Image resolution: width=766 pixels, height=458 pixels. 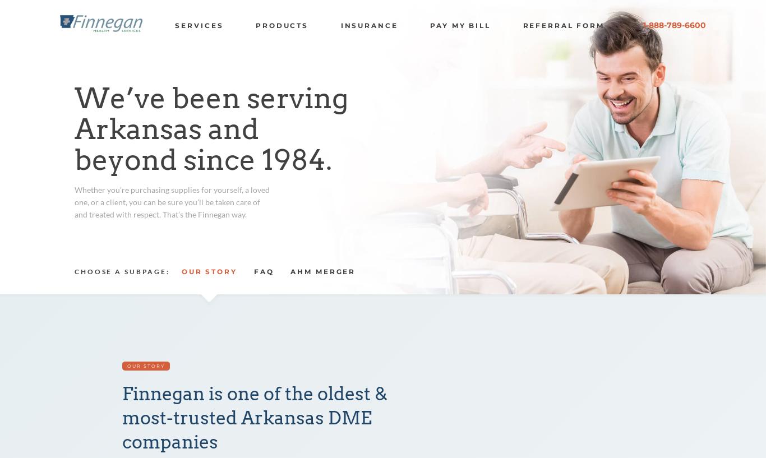 I want to click on 'AHM Merger', so click(x=290, y=271).